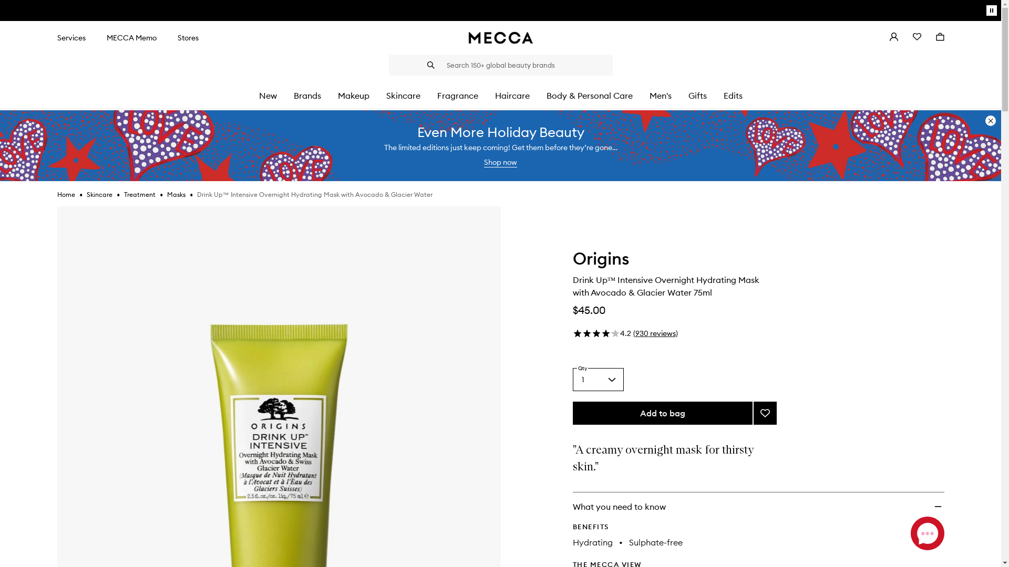 This screenshot has width=1009, height=567. What do you see at coordinates (990, 120) in the screenshot?
I see `'Dismiss banner'` at bounding box center [990, 120].